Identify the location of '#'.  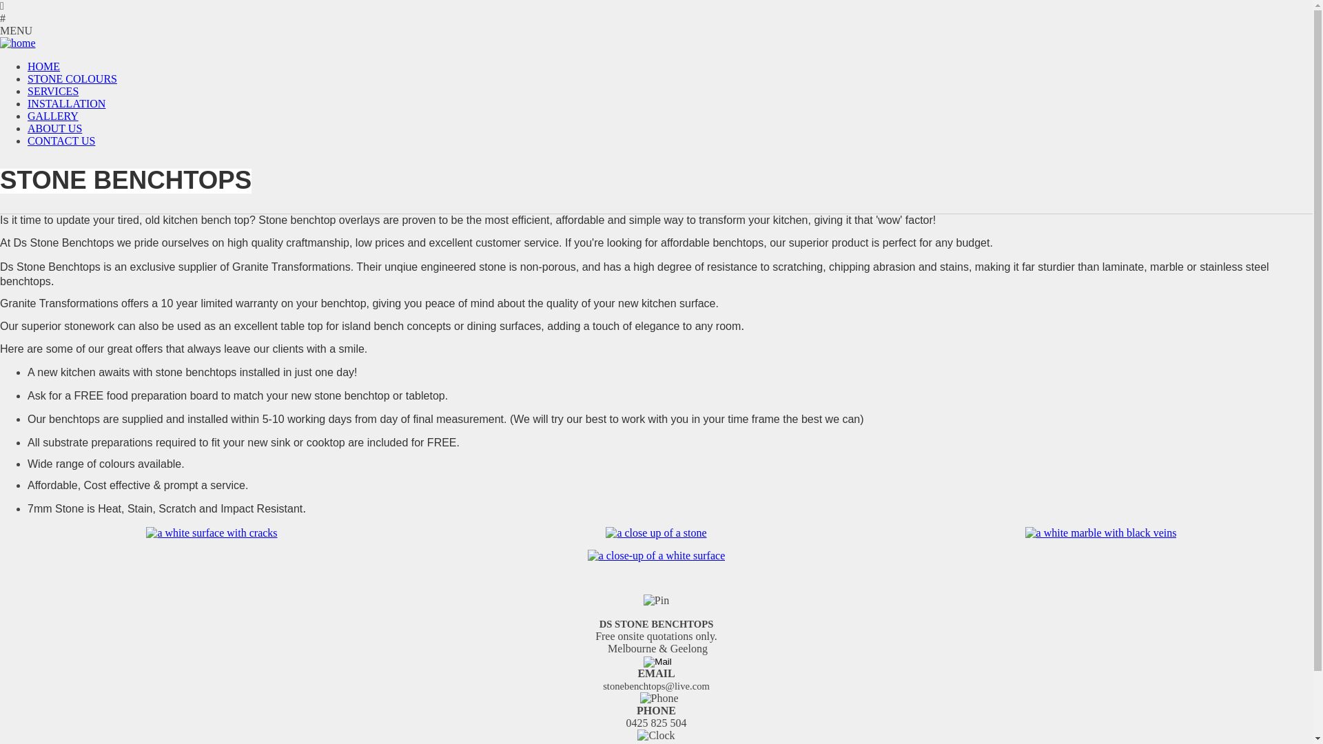
(655, 19).